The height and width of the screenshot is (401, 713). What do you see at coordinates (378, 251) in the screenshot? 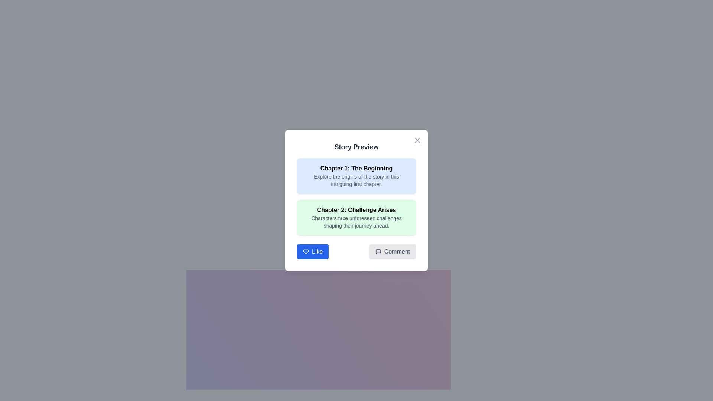
I see `the speech bubble or comment icon` at bounding box center [378, 251].